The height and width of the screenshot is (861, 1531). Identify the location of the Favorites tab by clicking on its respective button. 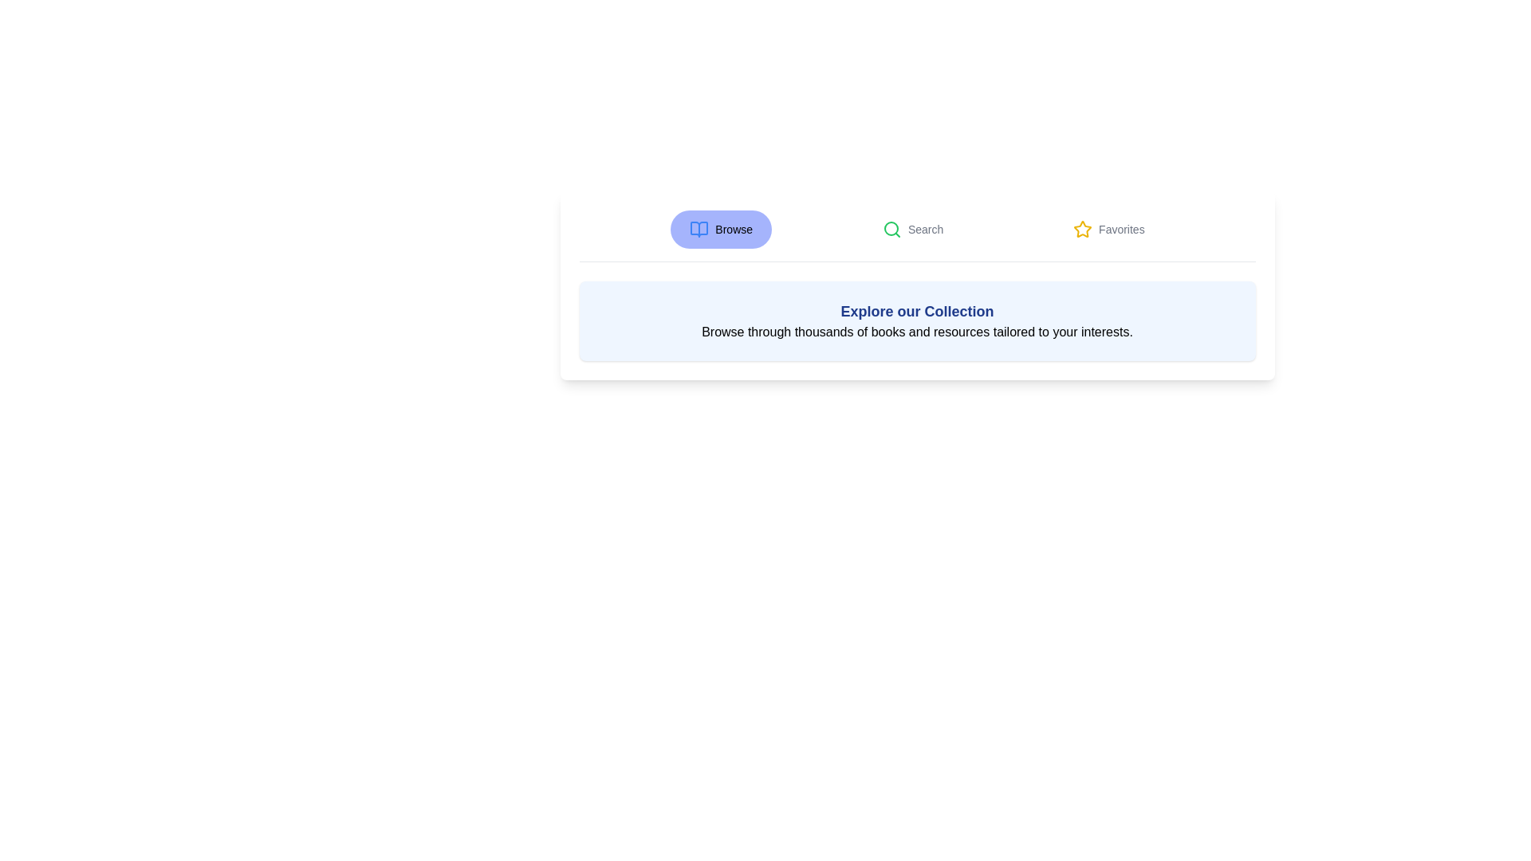
(1108, 230).